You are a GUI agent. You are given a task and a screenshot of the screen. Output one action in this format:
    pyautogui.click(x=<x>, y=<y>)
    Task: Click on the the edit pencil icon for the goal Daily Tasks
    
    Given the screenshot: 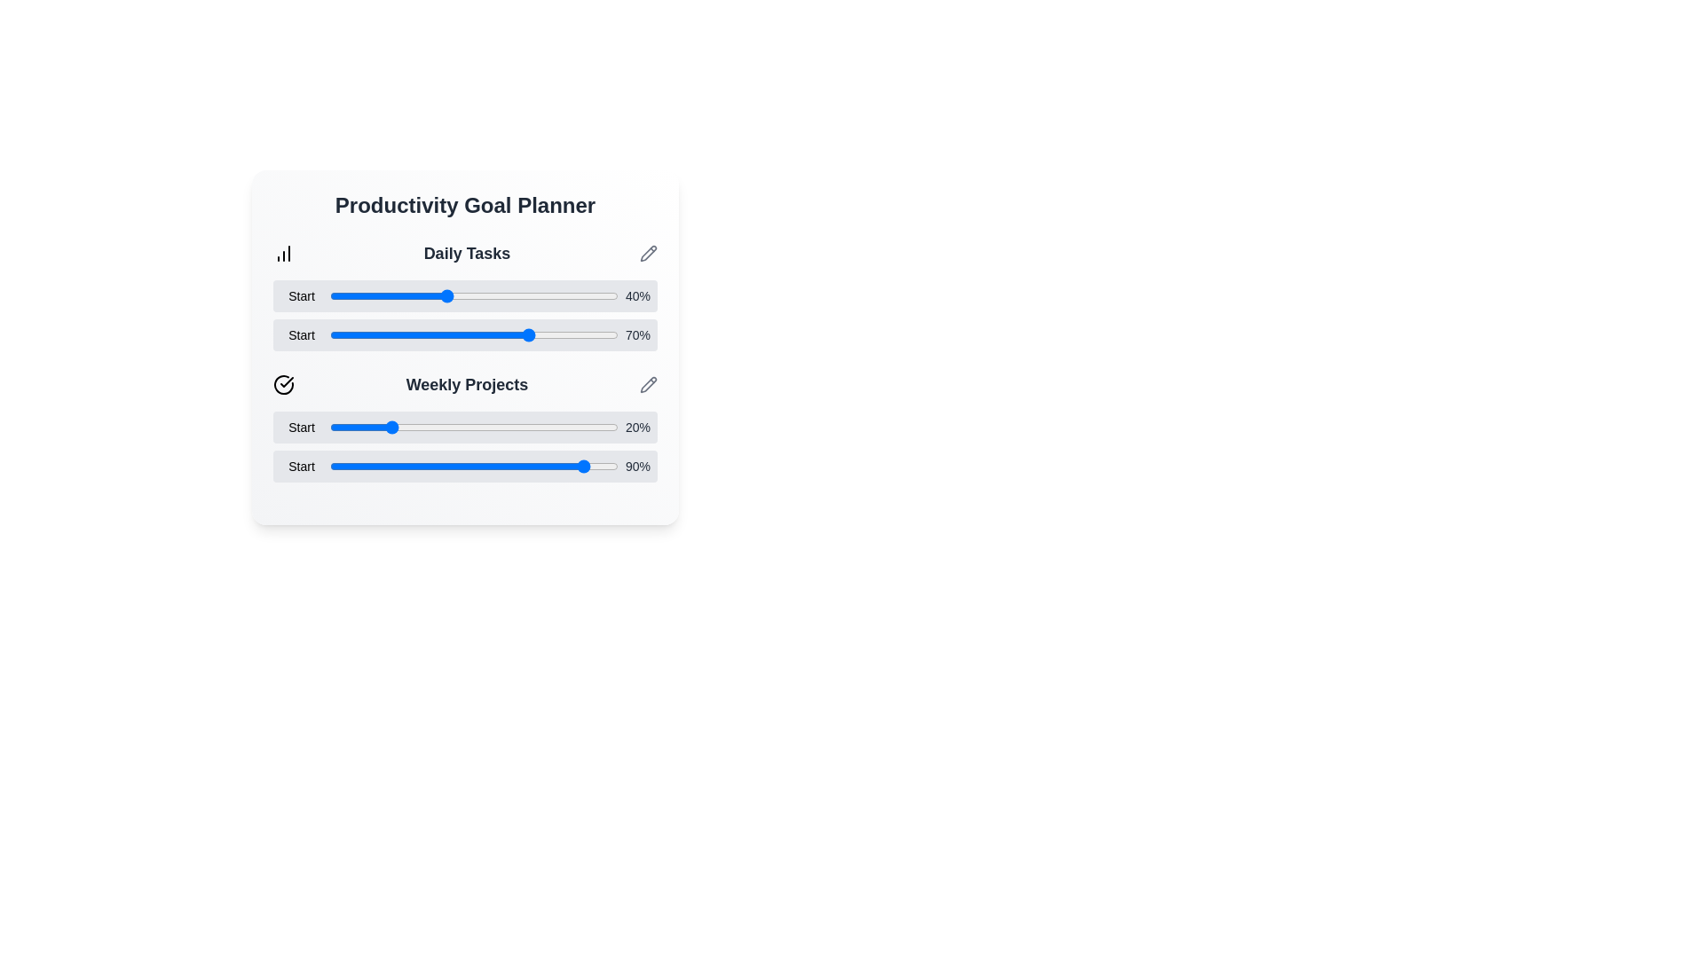 What is the action you would take?
    pyautogui.click(x=647, y=253)
    